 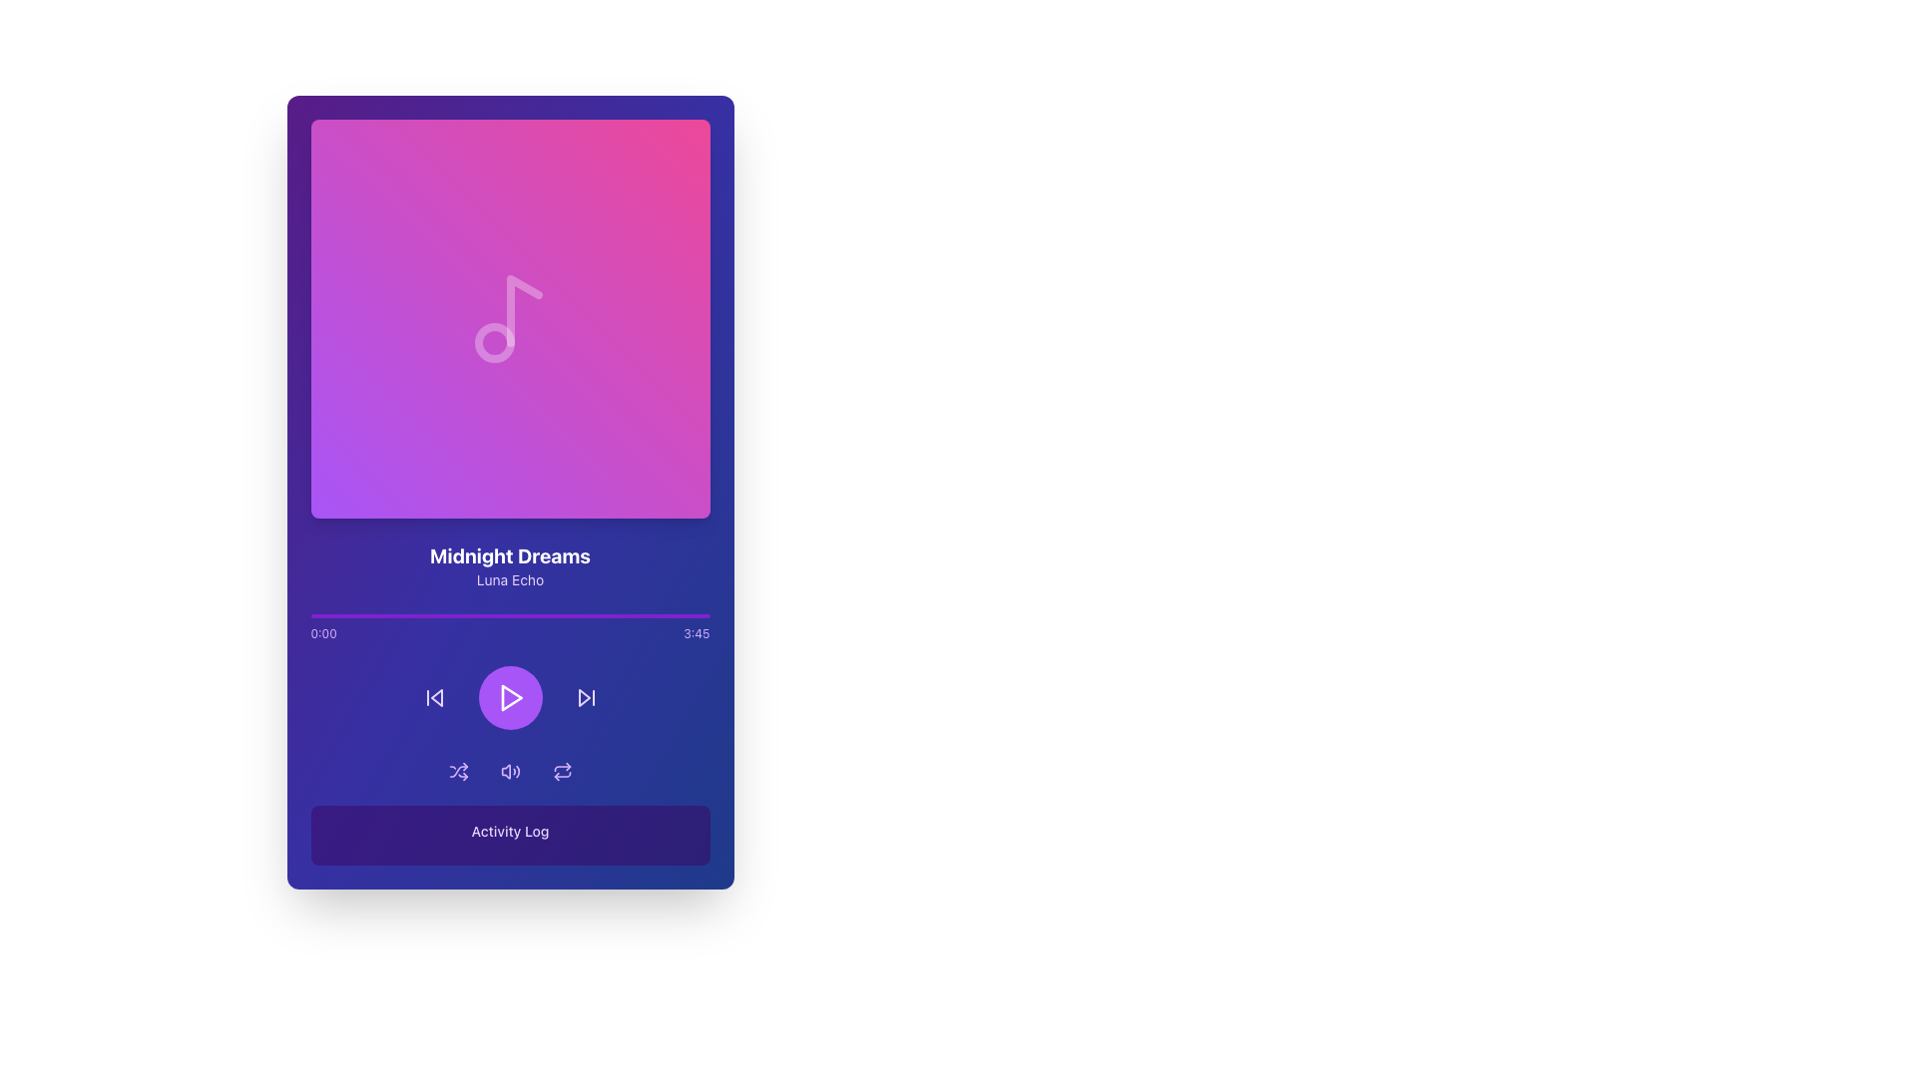 I want to click on the small, purple shuffle icon located below the media playback control buttons, so click(x=457, y=771).